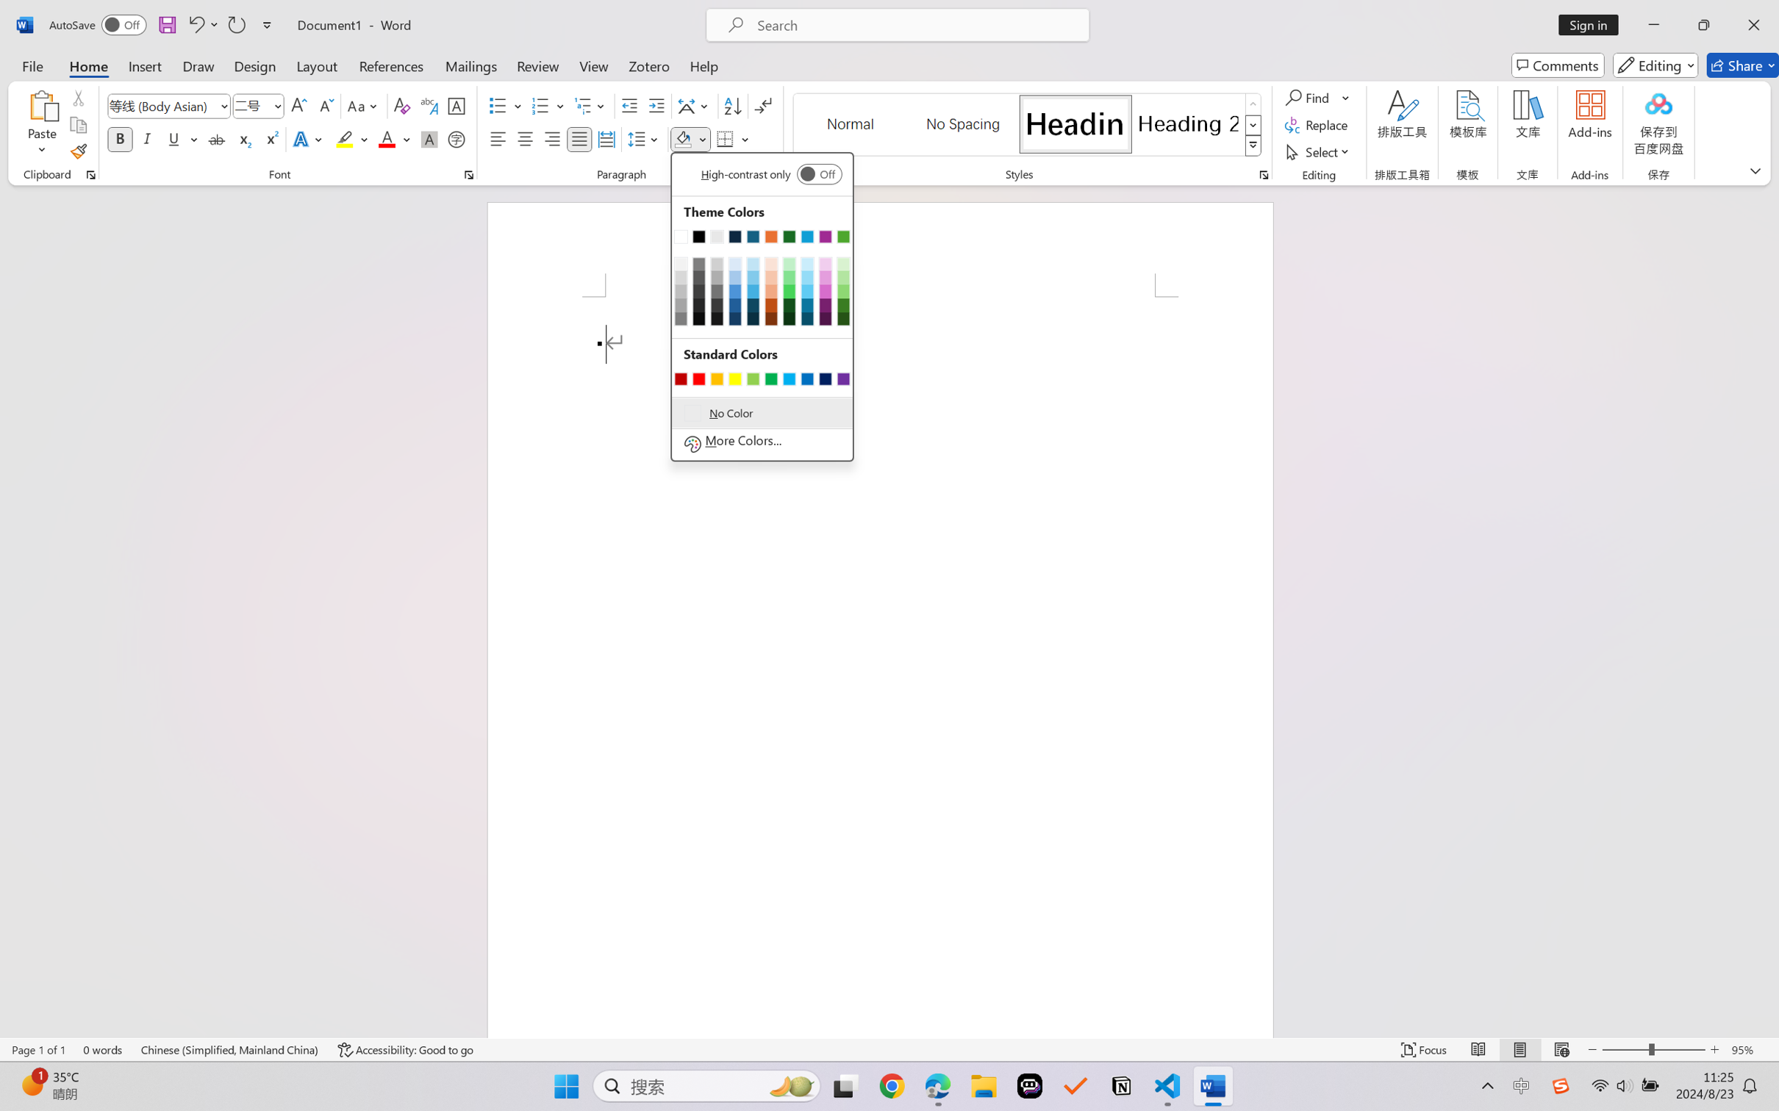 The image size is (1779, 1111). Describe the element at coordinates (235, 24) in the screenshot. I see `'Repeat Style'` at that location.